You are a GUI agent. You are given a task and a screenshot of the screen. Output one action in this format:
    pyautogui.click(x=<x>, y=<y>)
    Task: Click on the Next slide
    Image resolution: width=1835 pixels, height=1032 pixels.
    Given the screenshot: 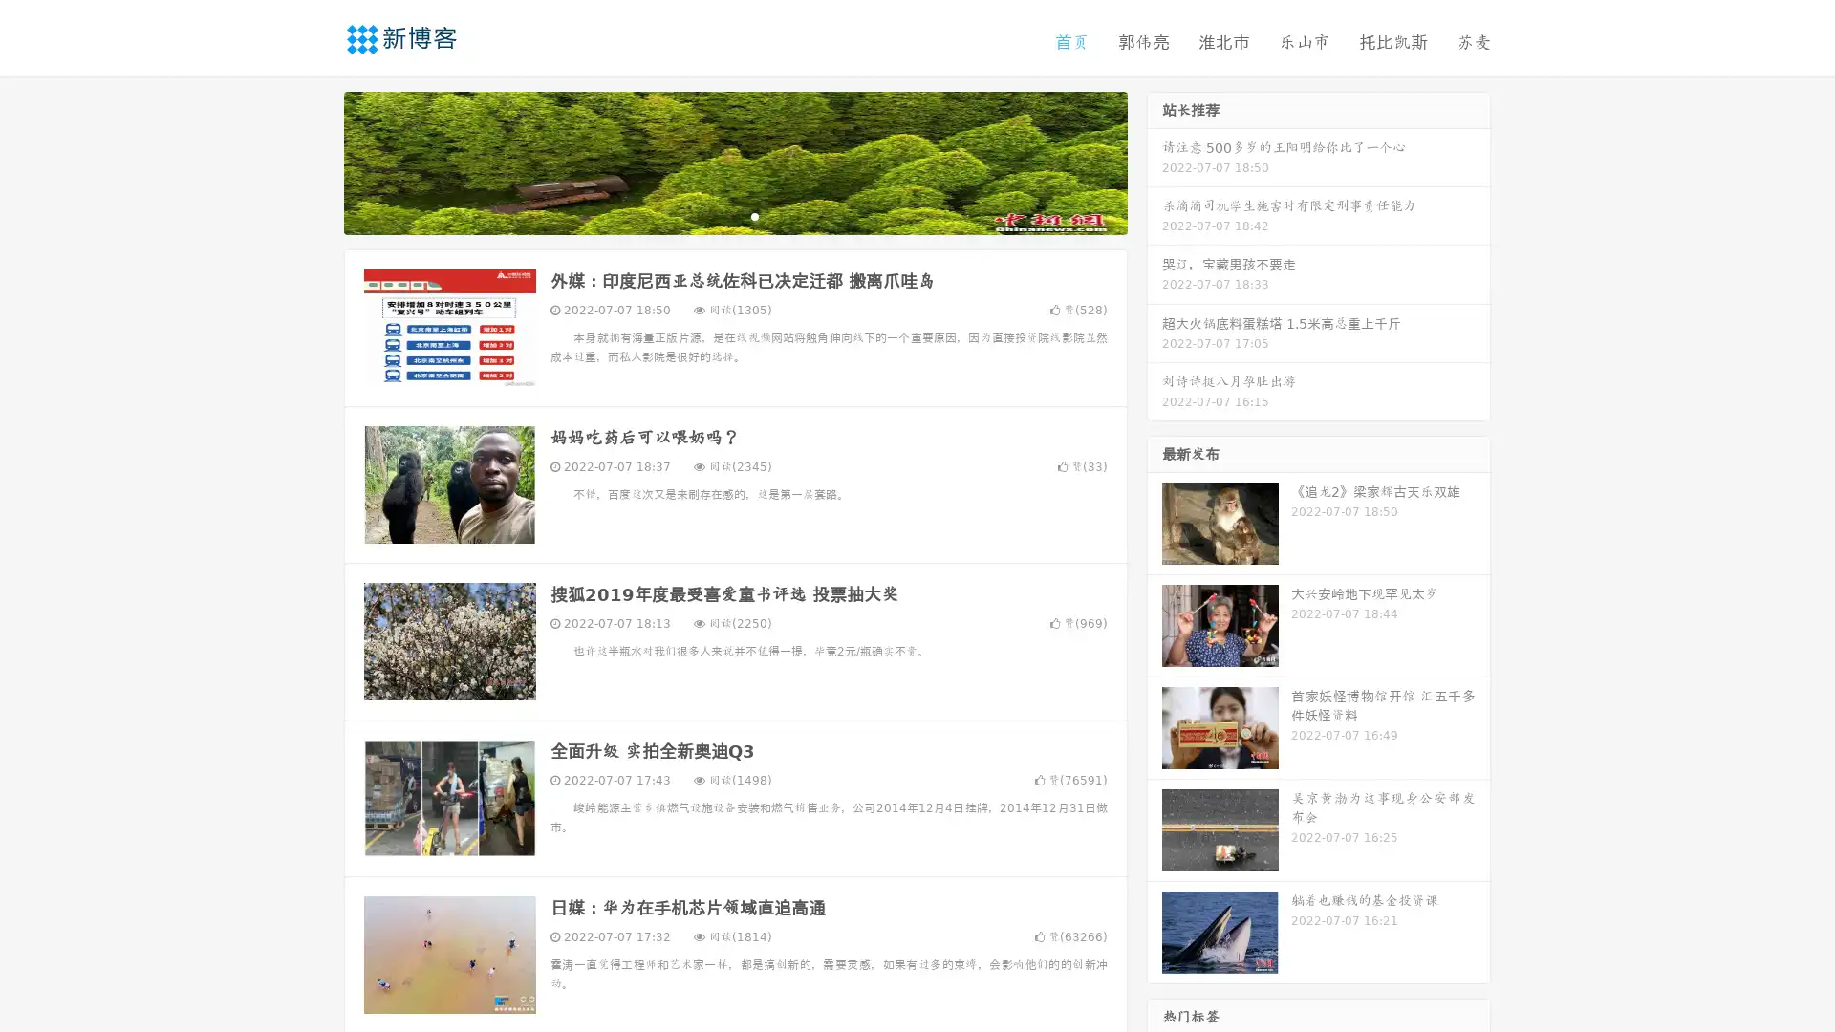 What is the action you would take?
    pyautogui.click(x=1155, y=161)
    